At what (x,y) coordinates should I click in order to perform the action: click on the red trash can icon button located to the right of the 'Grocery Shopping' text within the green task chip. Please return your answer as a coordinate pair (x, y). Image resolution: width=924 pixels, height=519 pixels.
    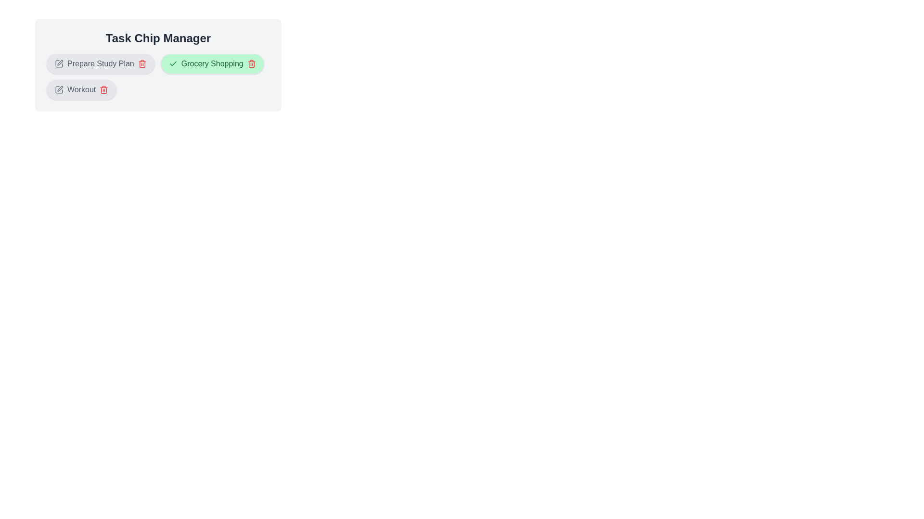
    Looking at the image, I should click on (251, 63).